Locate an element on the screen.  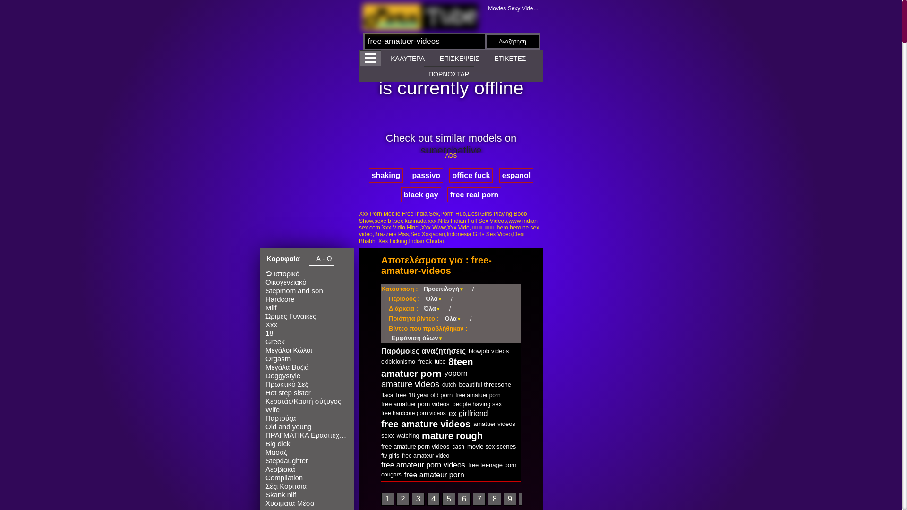
'10' is located at coordinates (527, 498).